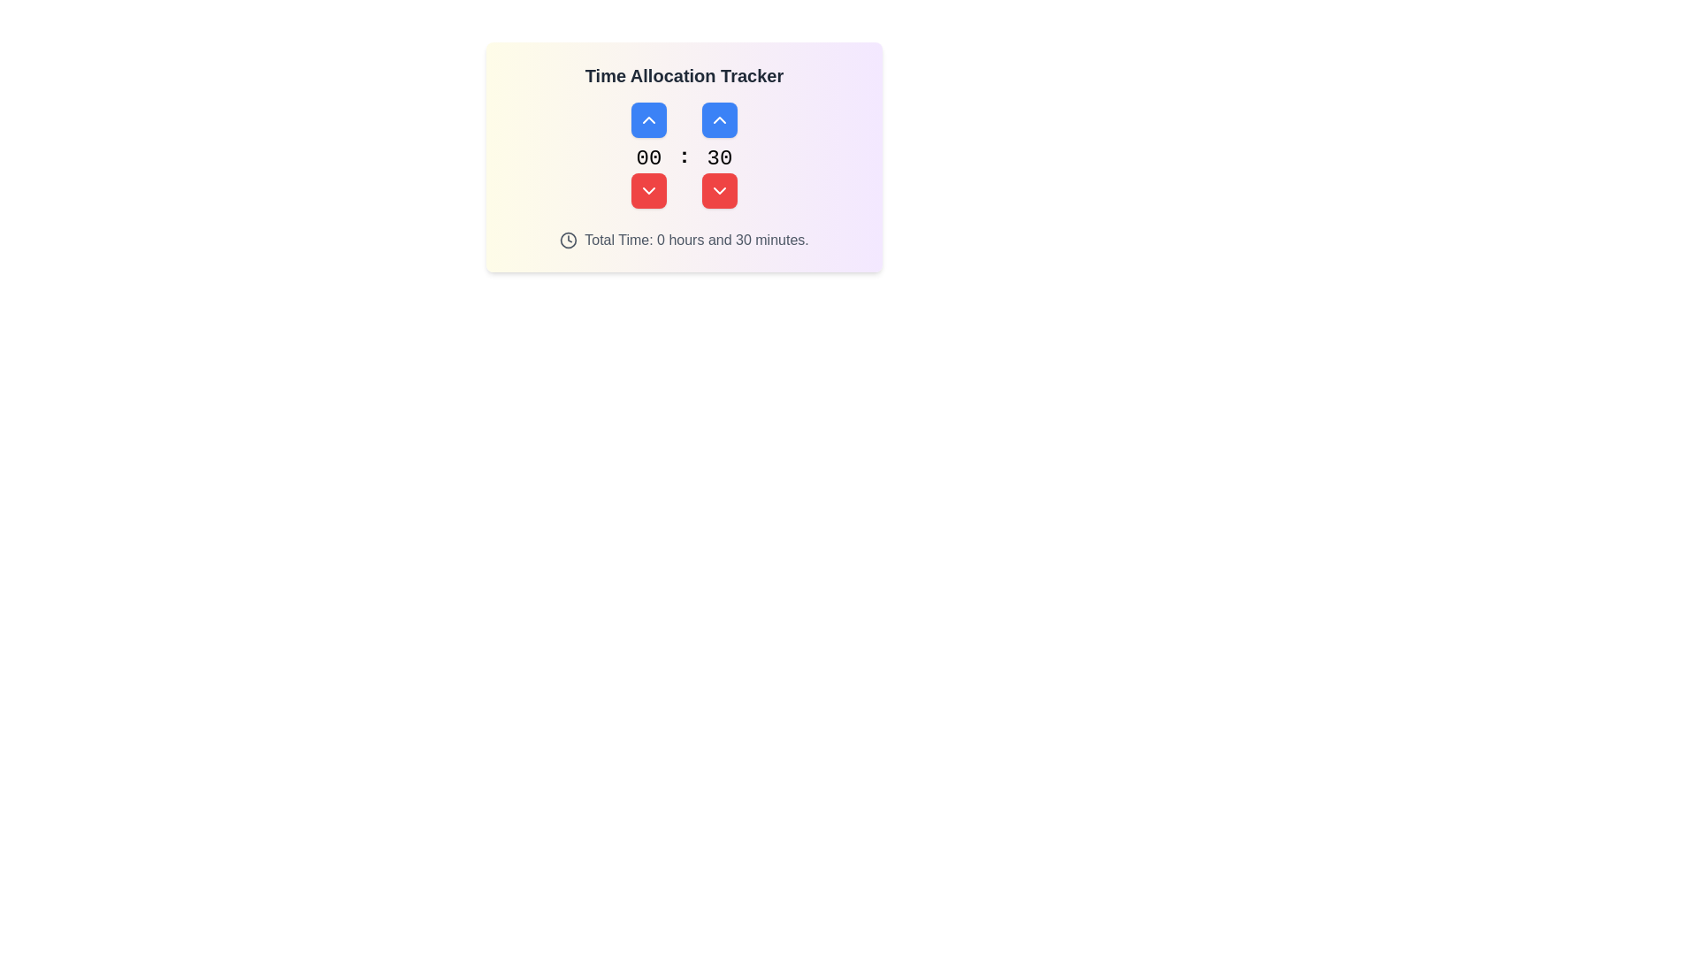  What do you see at coordinates (648, 119) in the screenshot?
I see `the blue button with a white upward-pointing chevron icon above the '00' text in the time allocation tracker to increment the hour value` at bounding box center [648, 119].